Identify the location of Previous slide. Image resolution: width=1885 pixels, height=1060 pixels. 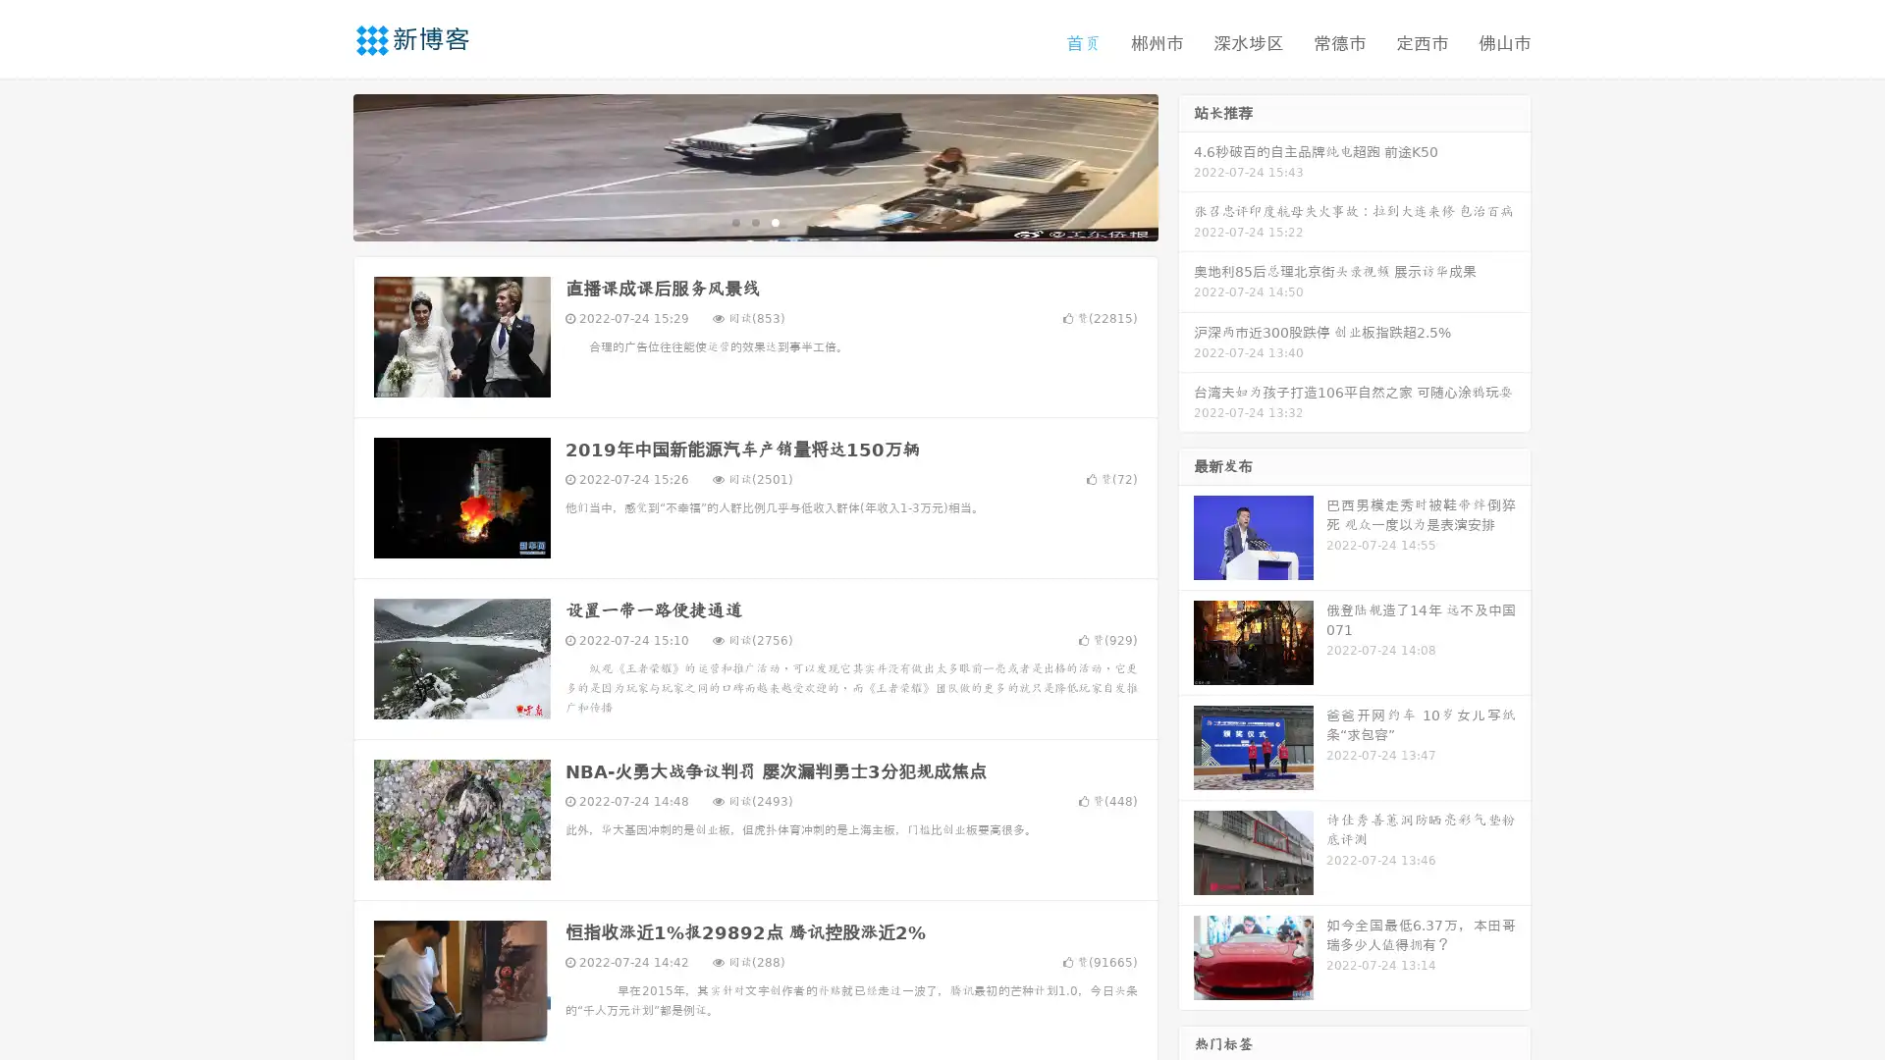
(324, 165).